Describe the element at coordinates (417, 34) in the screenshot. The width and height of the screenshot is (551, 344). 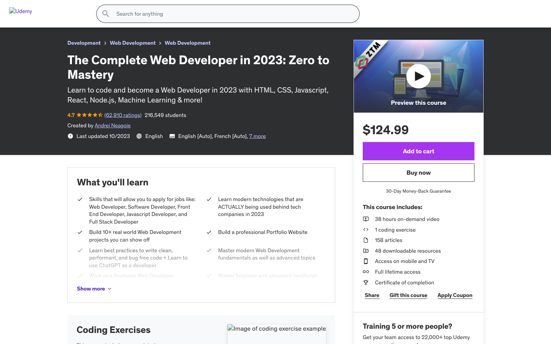
I see `Go to the Help Page` at that location.